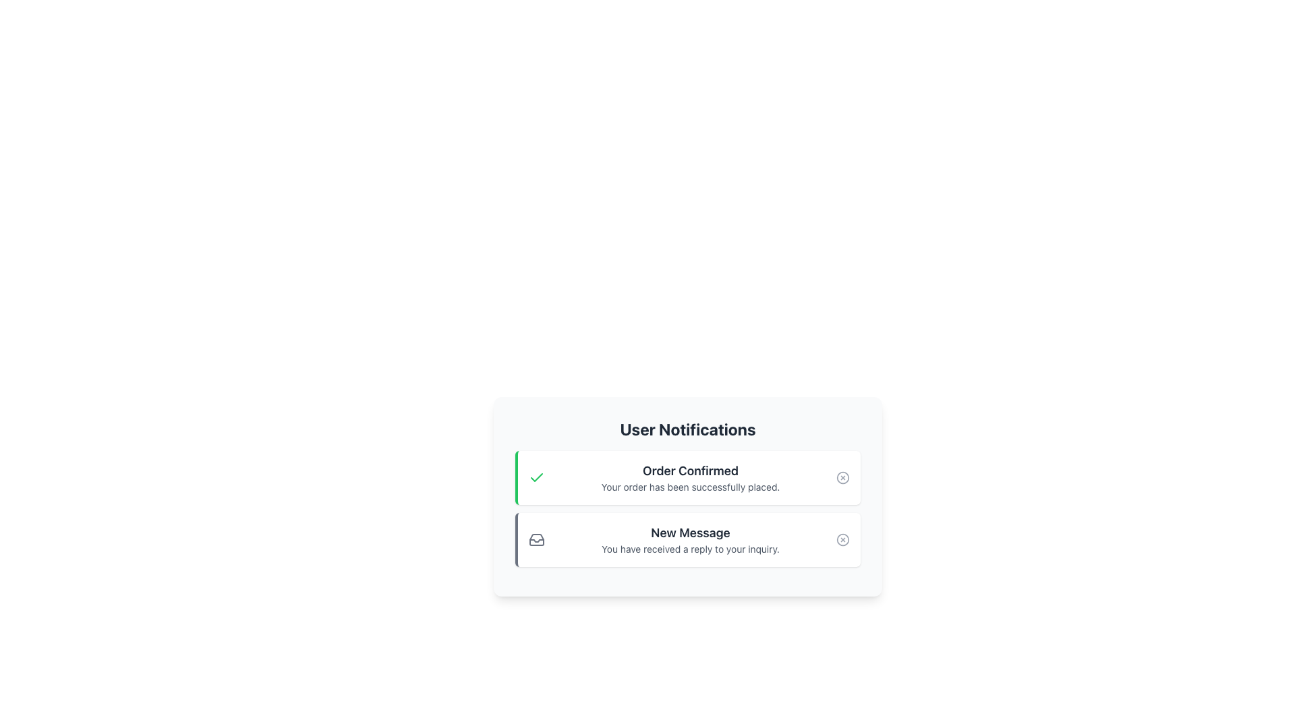 The height and width of the screenshot is (728, 1295). Describe the element at coordinates (690, 487) in the screenshot. I see `success message from the notification text label located below the 'Order Confirmed' title` at that location.